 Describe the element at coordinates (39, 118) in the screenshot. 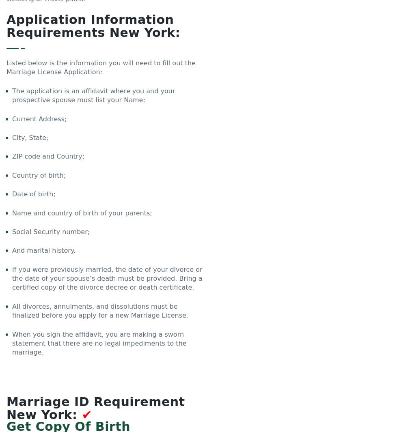

I see `'Current Address;'` at that location.